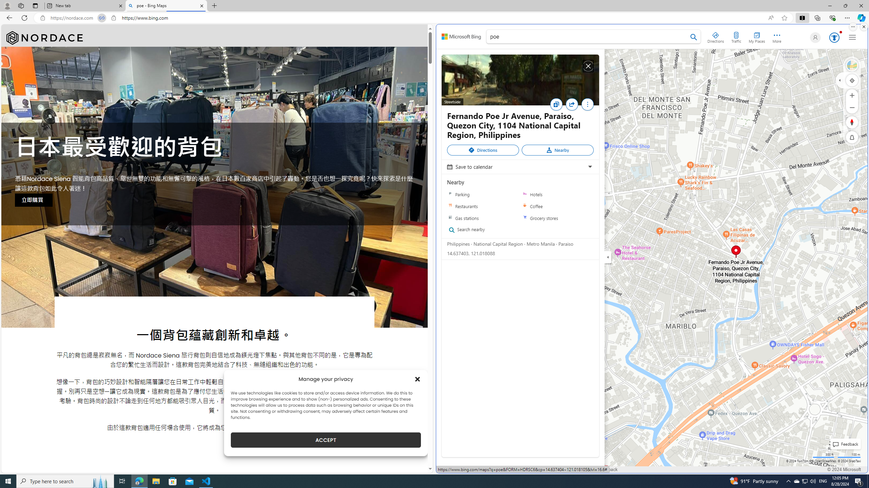 The width and height of the screenshot is (869, 488). I want to click on 'Directions', so click(483, 150).